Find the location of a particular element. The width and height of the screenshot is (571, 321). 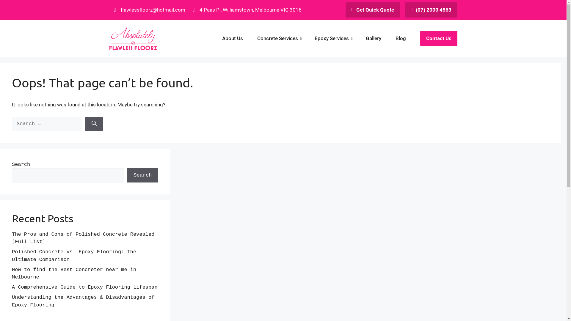

'Concrete Services' is located at coordinates (278, 39).